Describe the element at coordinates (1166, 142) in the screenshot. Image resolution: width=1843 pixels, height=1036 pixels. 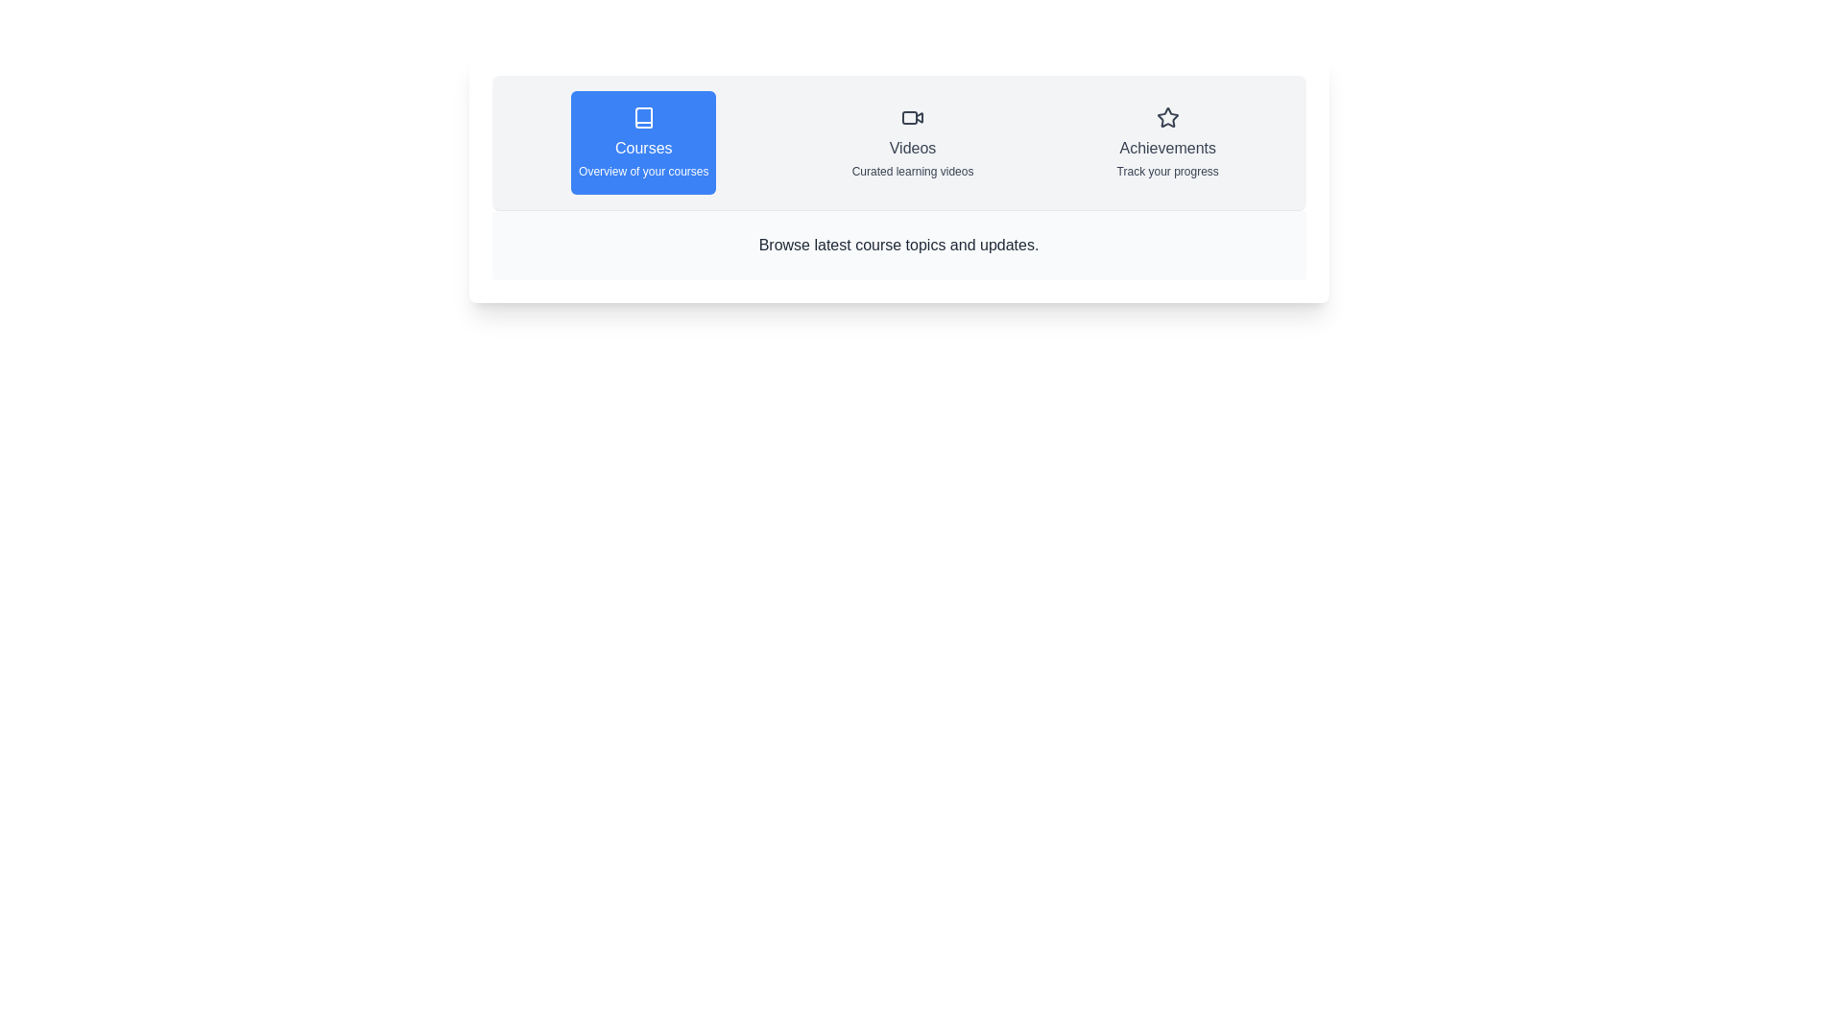
I see `the tab labeled Achievements to view its content` at that location.